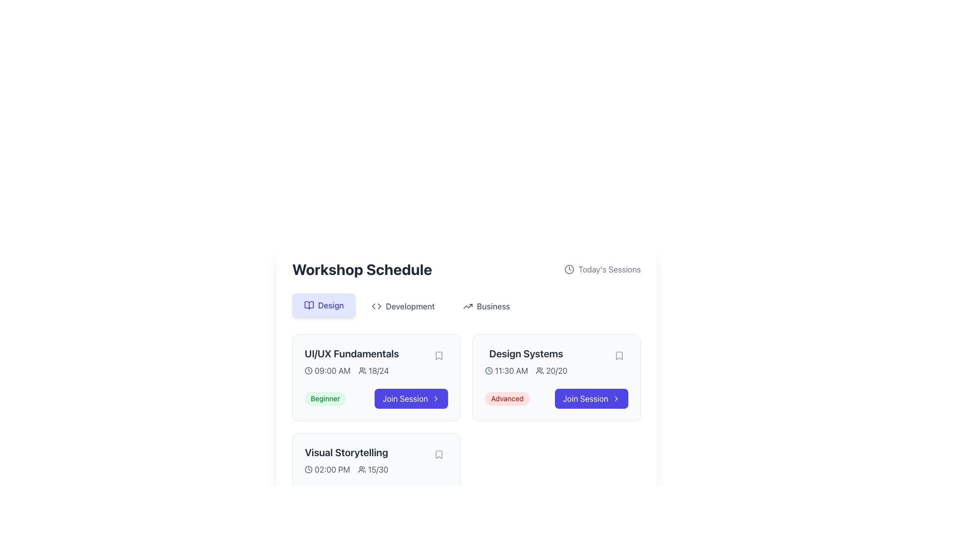 This screenshot has width=959, height=539. What do you see at coordinates (439, 355) in the screenshot?
I see `the small gray bookmark icon located in the top-right corner of the card for the 'UI/UX Fundamentals' session to bookmark the session` at bounding box center [439, 355].